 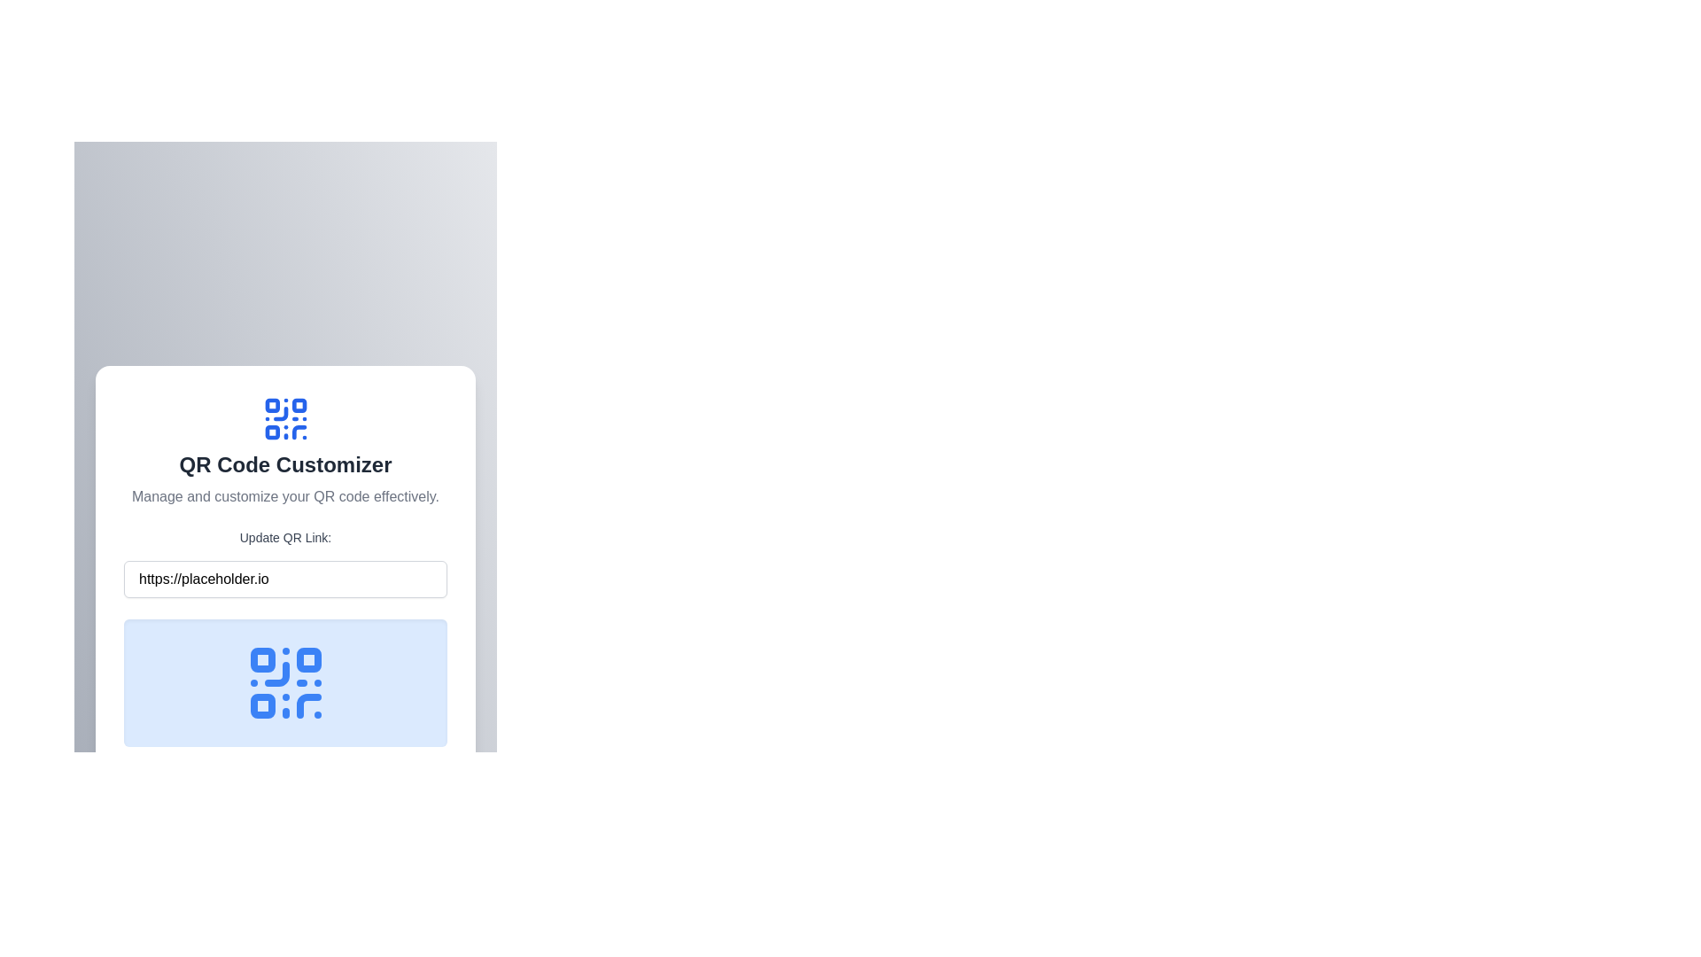 I want to click on the small blue square with rounded corners, the second square in the top row of the QR code illustration, so click(x=299, y=405).